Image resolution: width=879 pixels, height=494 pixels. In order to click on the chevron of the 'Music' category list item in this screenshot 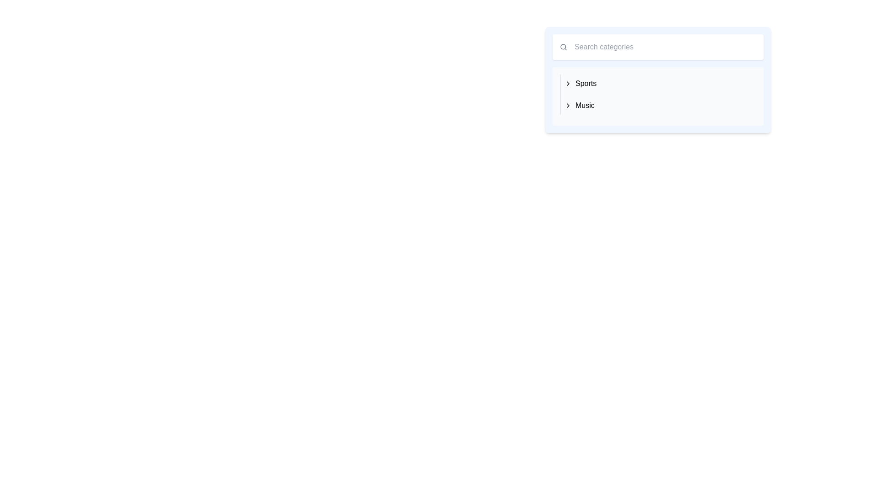, I will do `click(658, 105)`.